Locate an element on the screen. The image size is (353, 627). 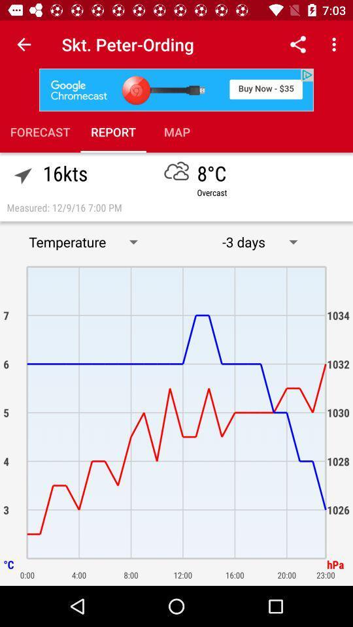
give advertisement information is located at coordinates (176, 89).